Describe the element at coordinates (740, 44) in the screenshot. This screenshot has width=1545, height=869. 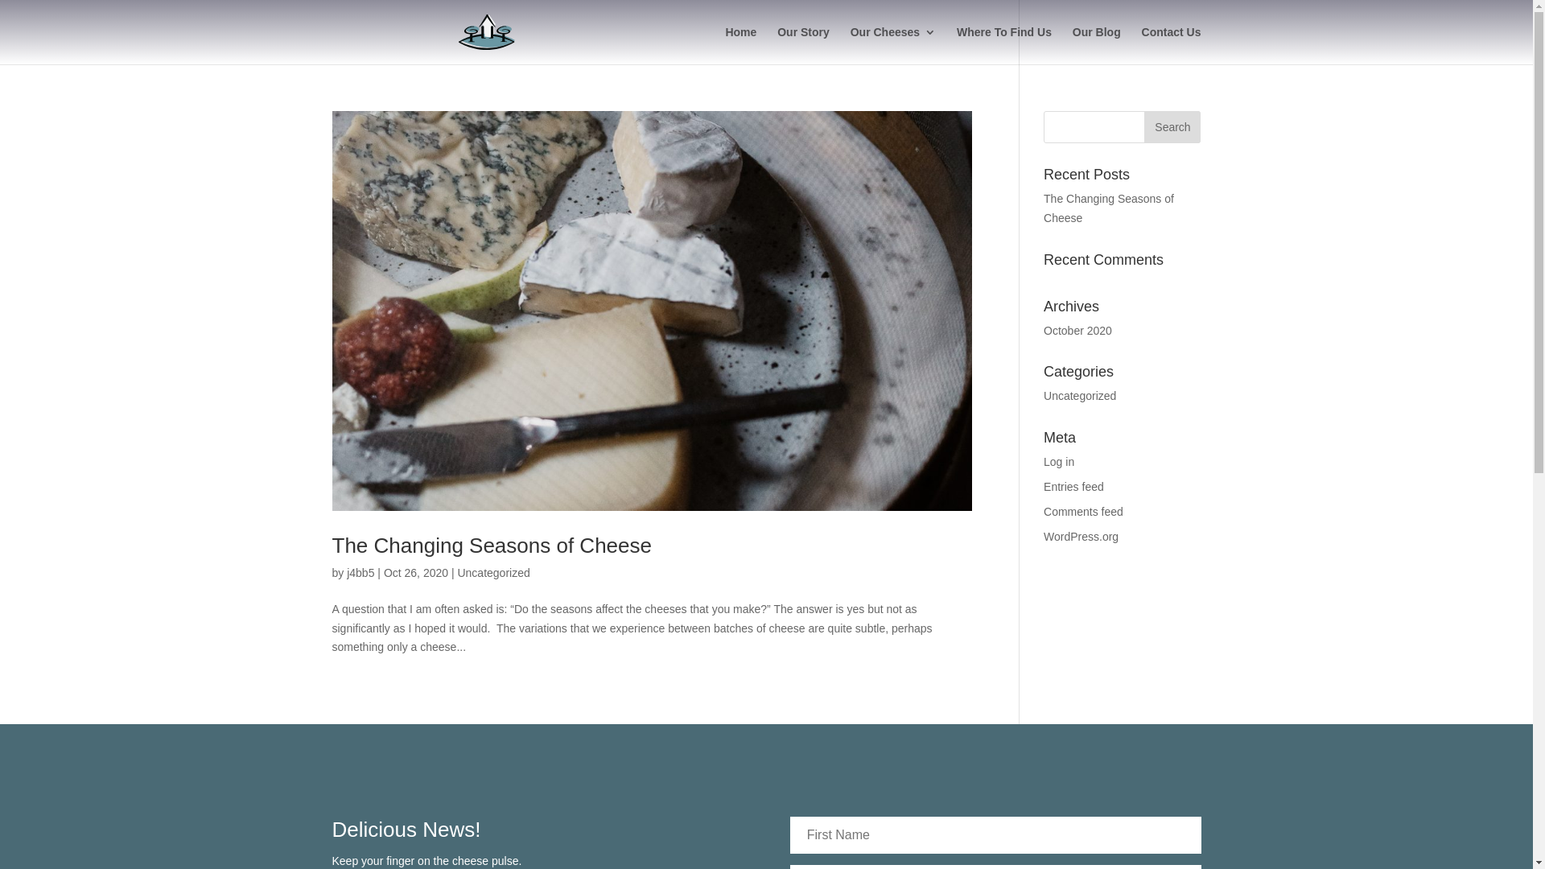
I see `'Home'` at that location.